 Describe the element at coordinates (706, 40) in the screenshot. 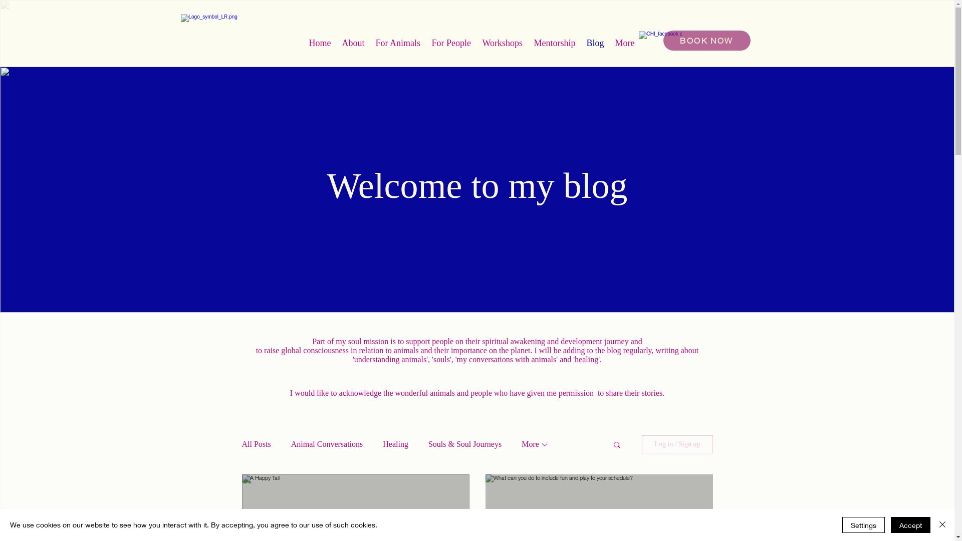

I see `'BOOK NOW'` at that location.